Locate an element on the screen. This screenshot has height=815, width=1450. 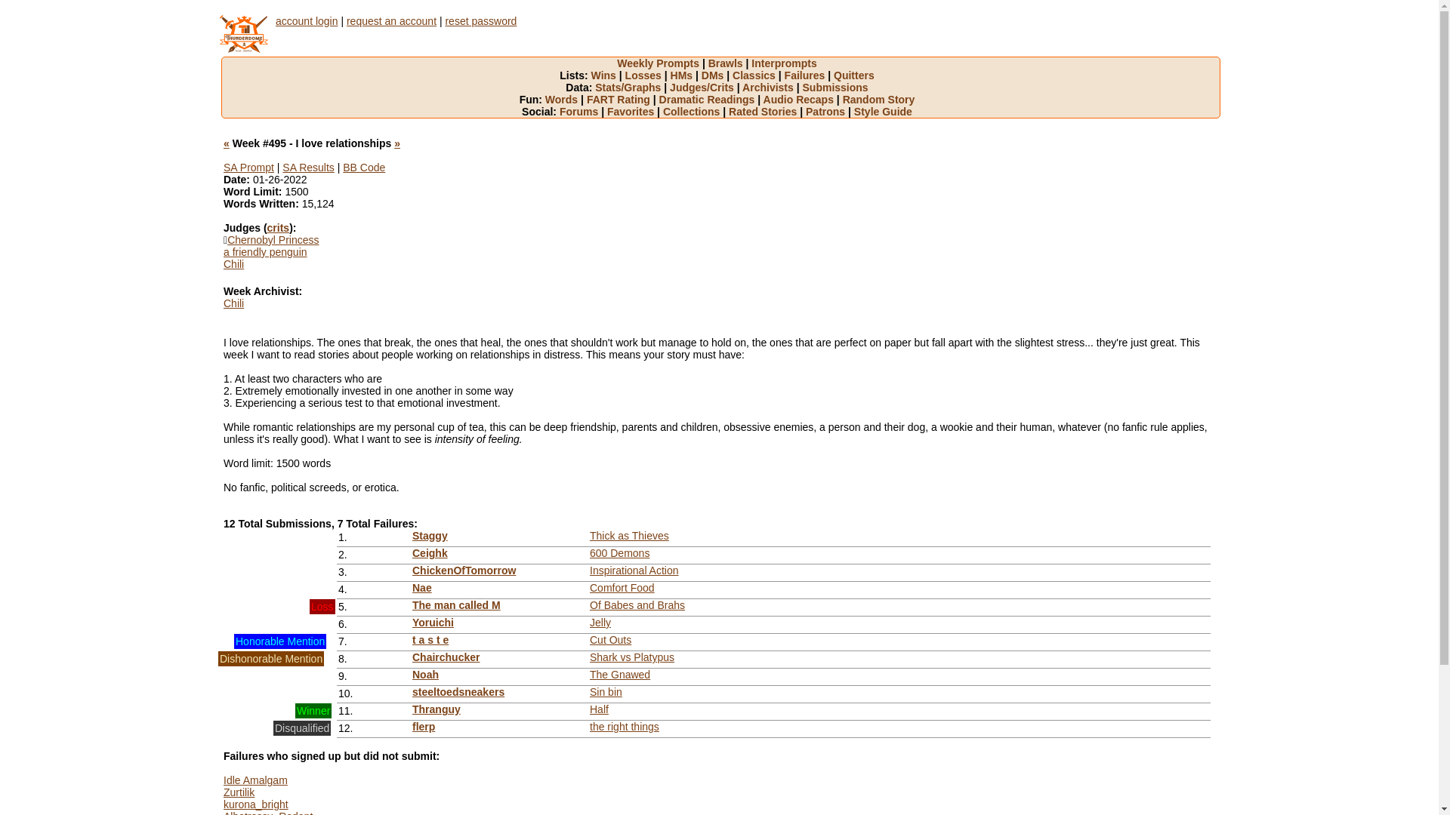
'DMs' is located at coordinates (716, 75).